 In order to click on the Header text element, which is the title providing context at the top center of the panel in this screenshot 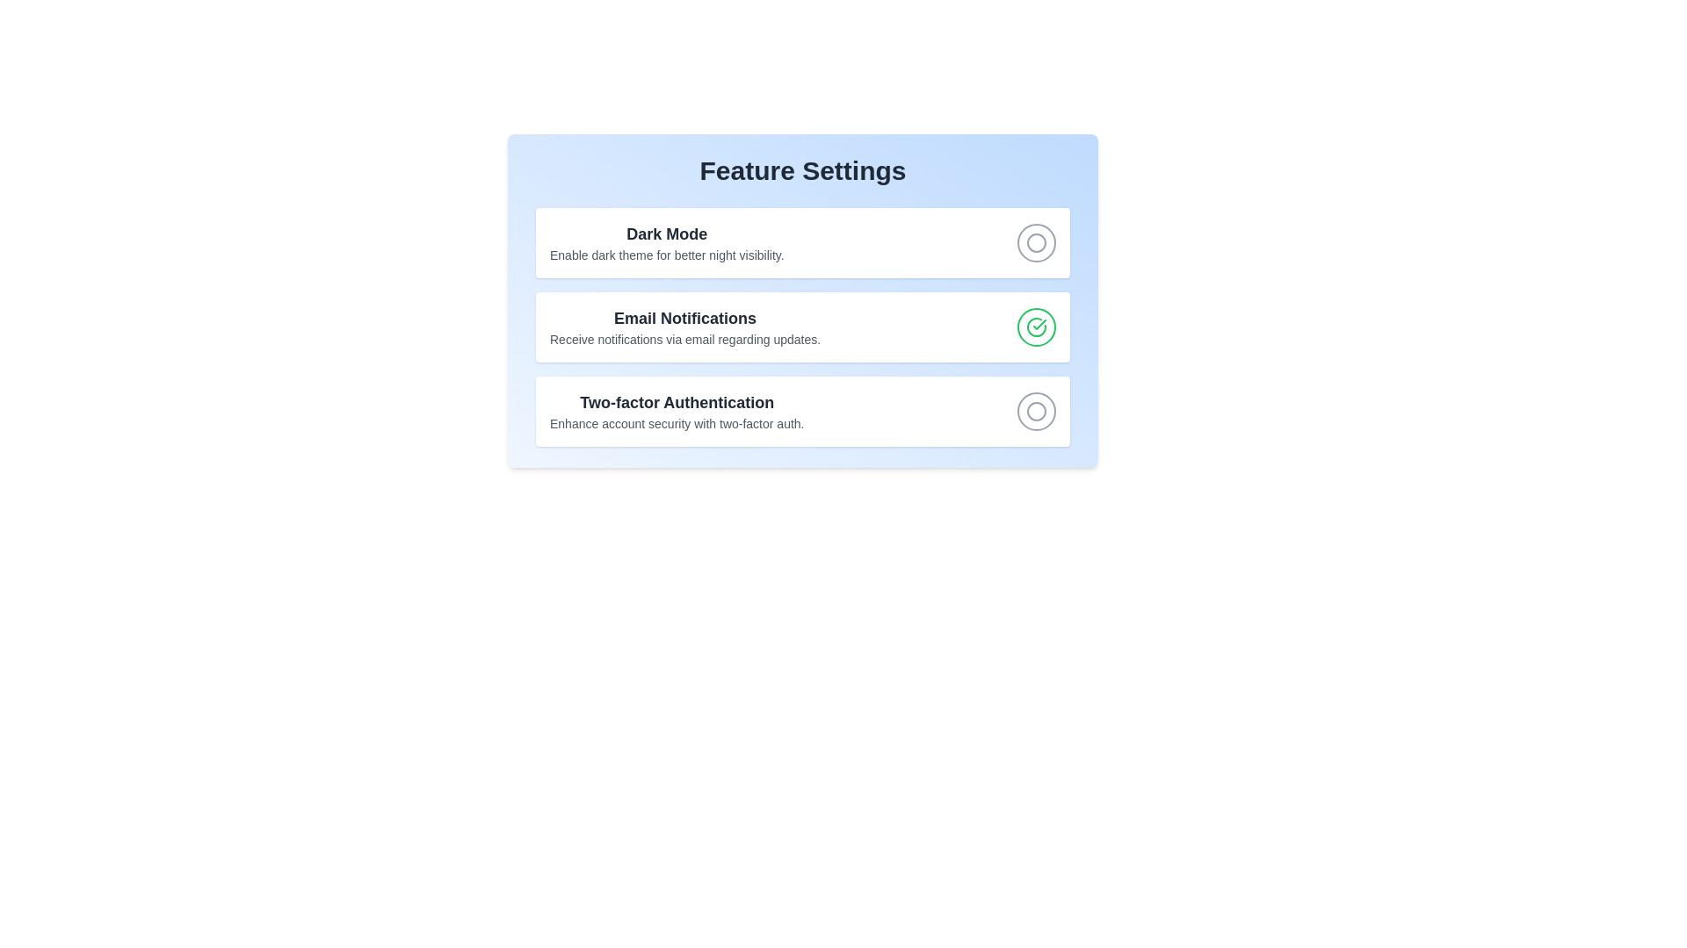, I will do `click(801, 171)`.